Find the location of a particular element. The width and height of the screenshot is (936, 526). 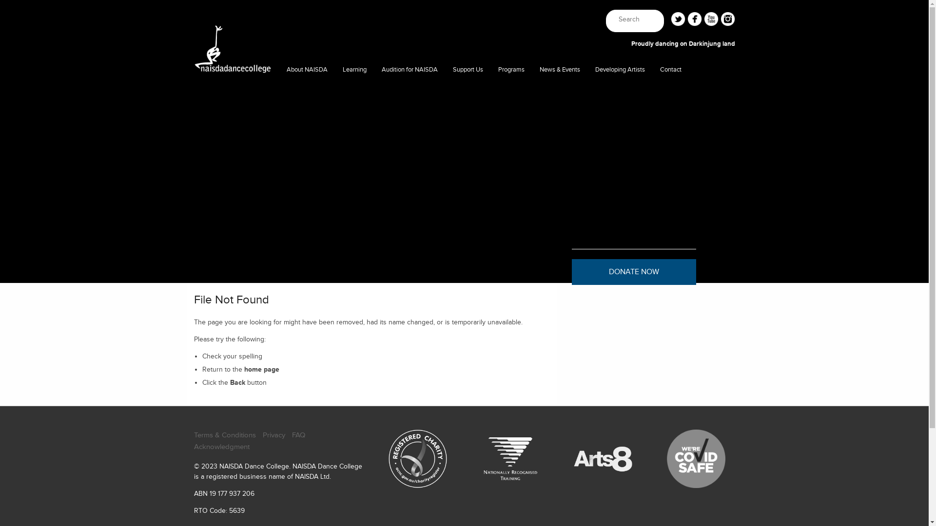

'Who We Are' is located at coordinates (306, 90).